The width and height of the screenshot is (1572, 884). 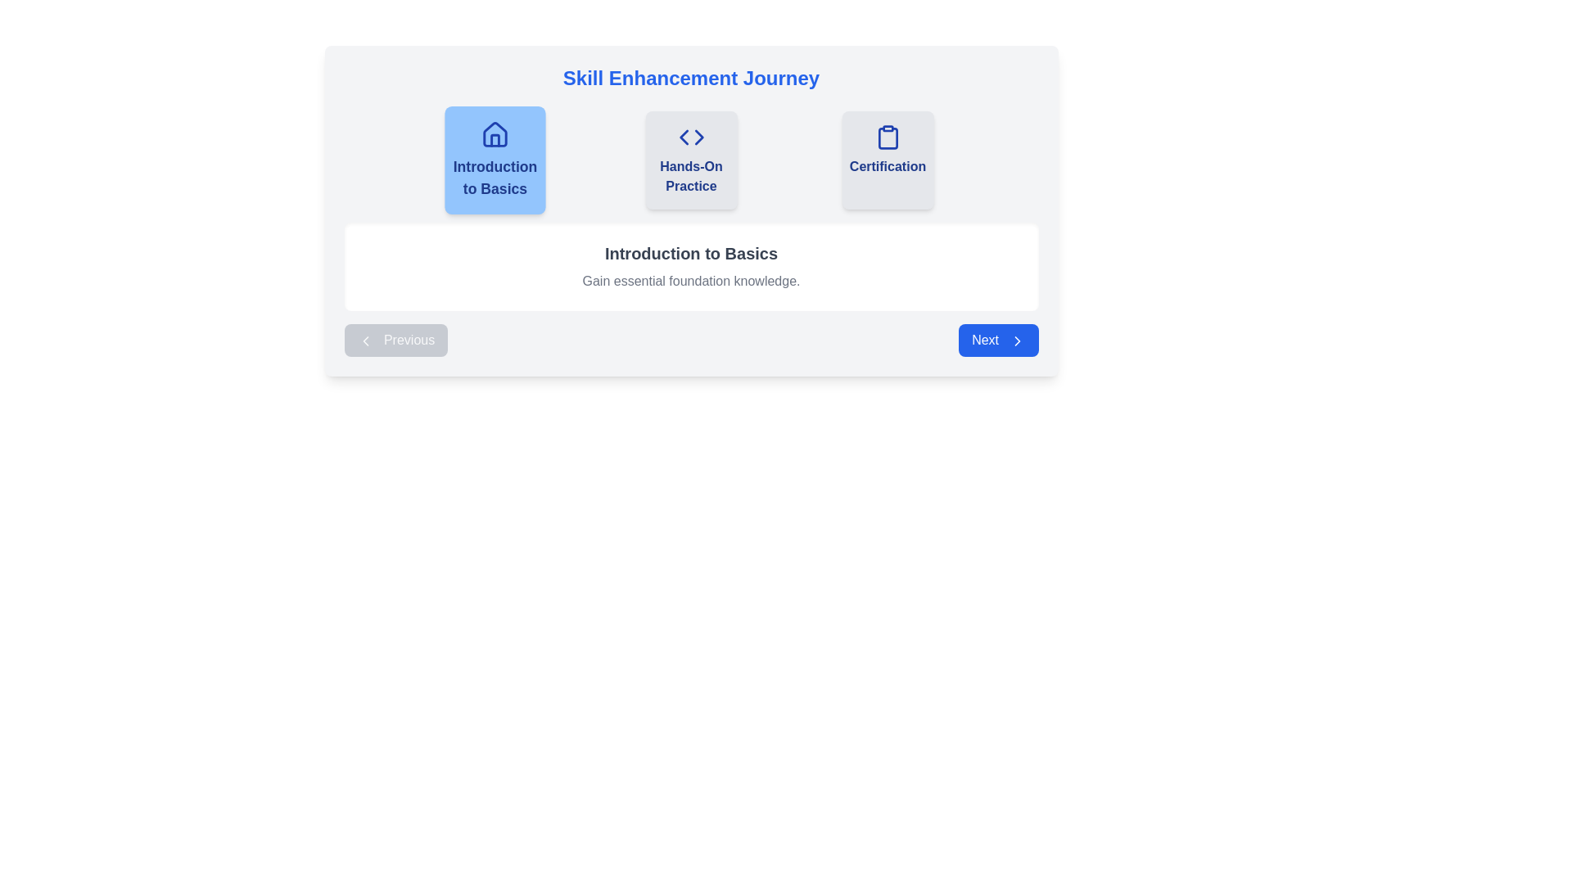 I want to click on the house icon located within the blue-tinted card titled 'Introduction to Basics' in the top-left quadrant of the interface, so click(x=494, y=139).